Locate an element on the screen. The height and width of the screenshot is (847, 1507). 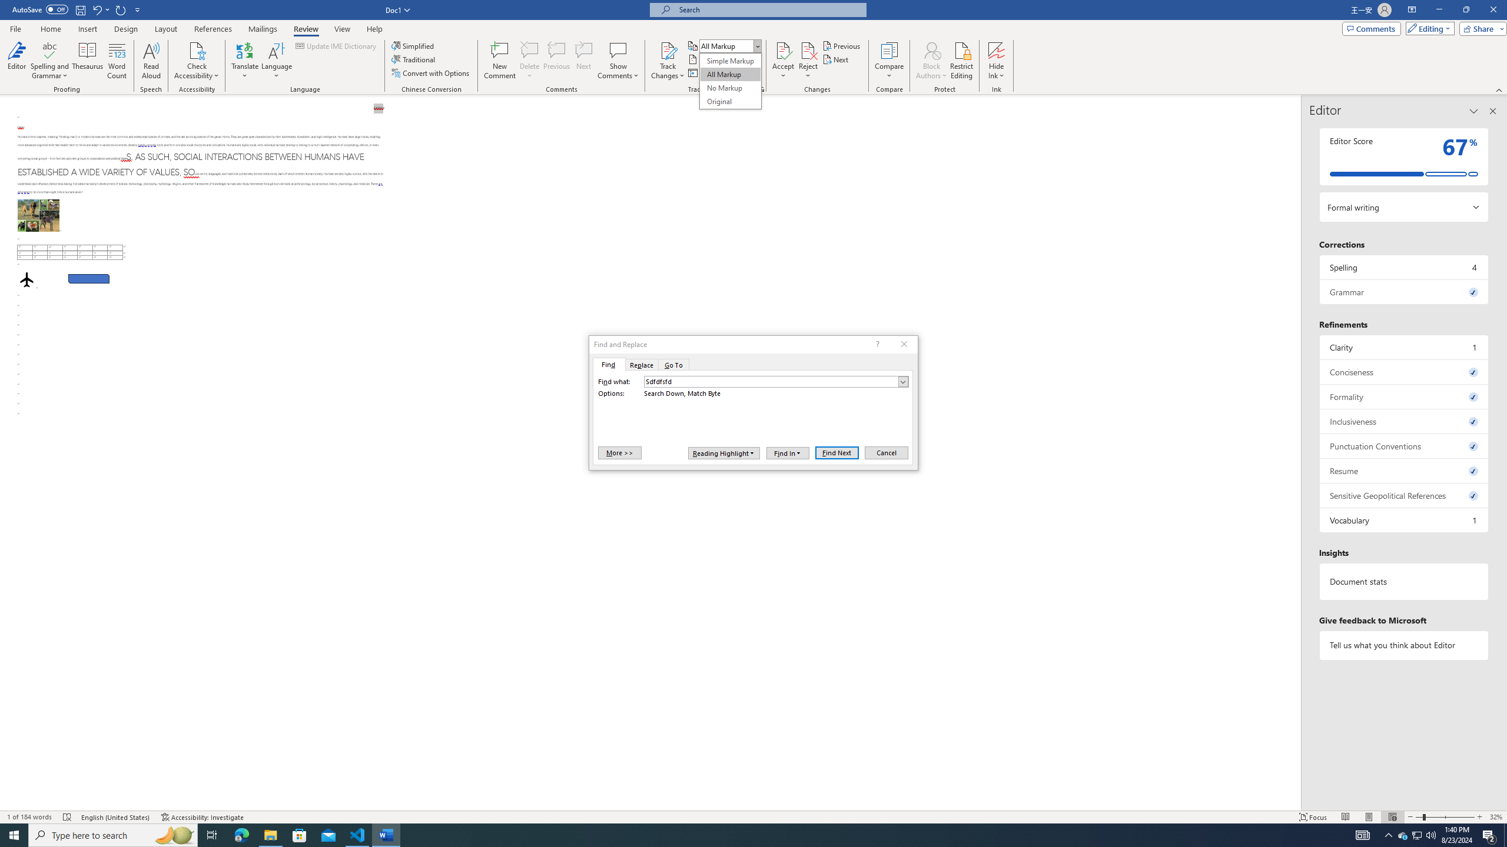
'Notification Chevron' is located at coordinates (1389, 834).